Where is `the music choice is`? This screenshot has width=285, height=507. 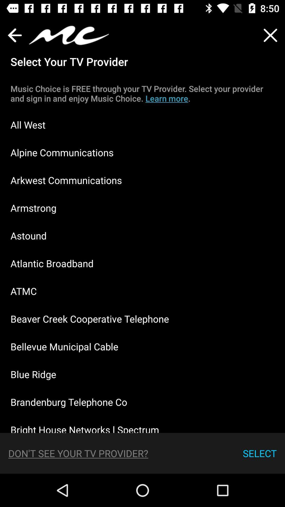 the music choice is is located at coordinates (142, 93).